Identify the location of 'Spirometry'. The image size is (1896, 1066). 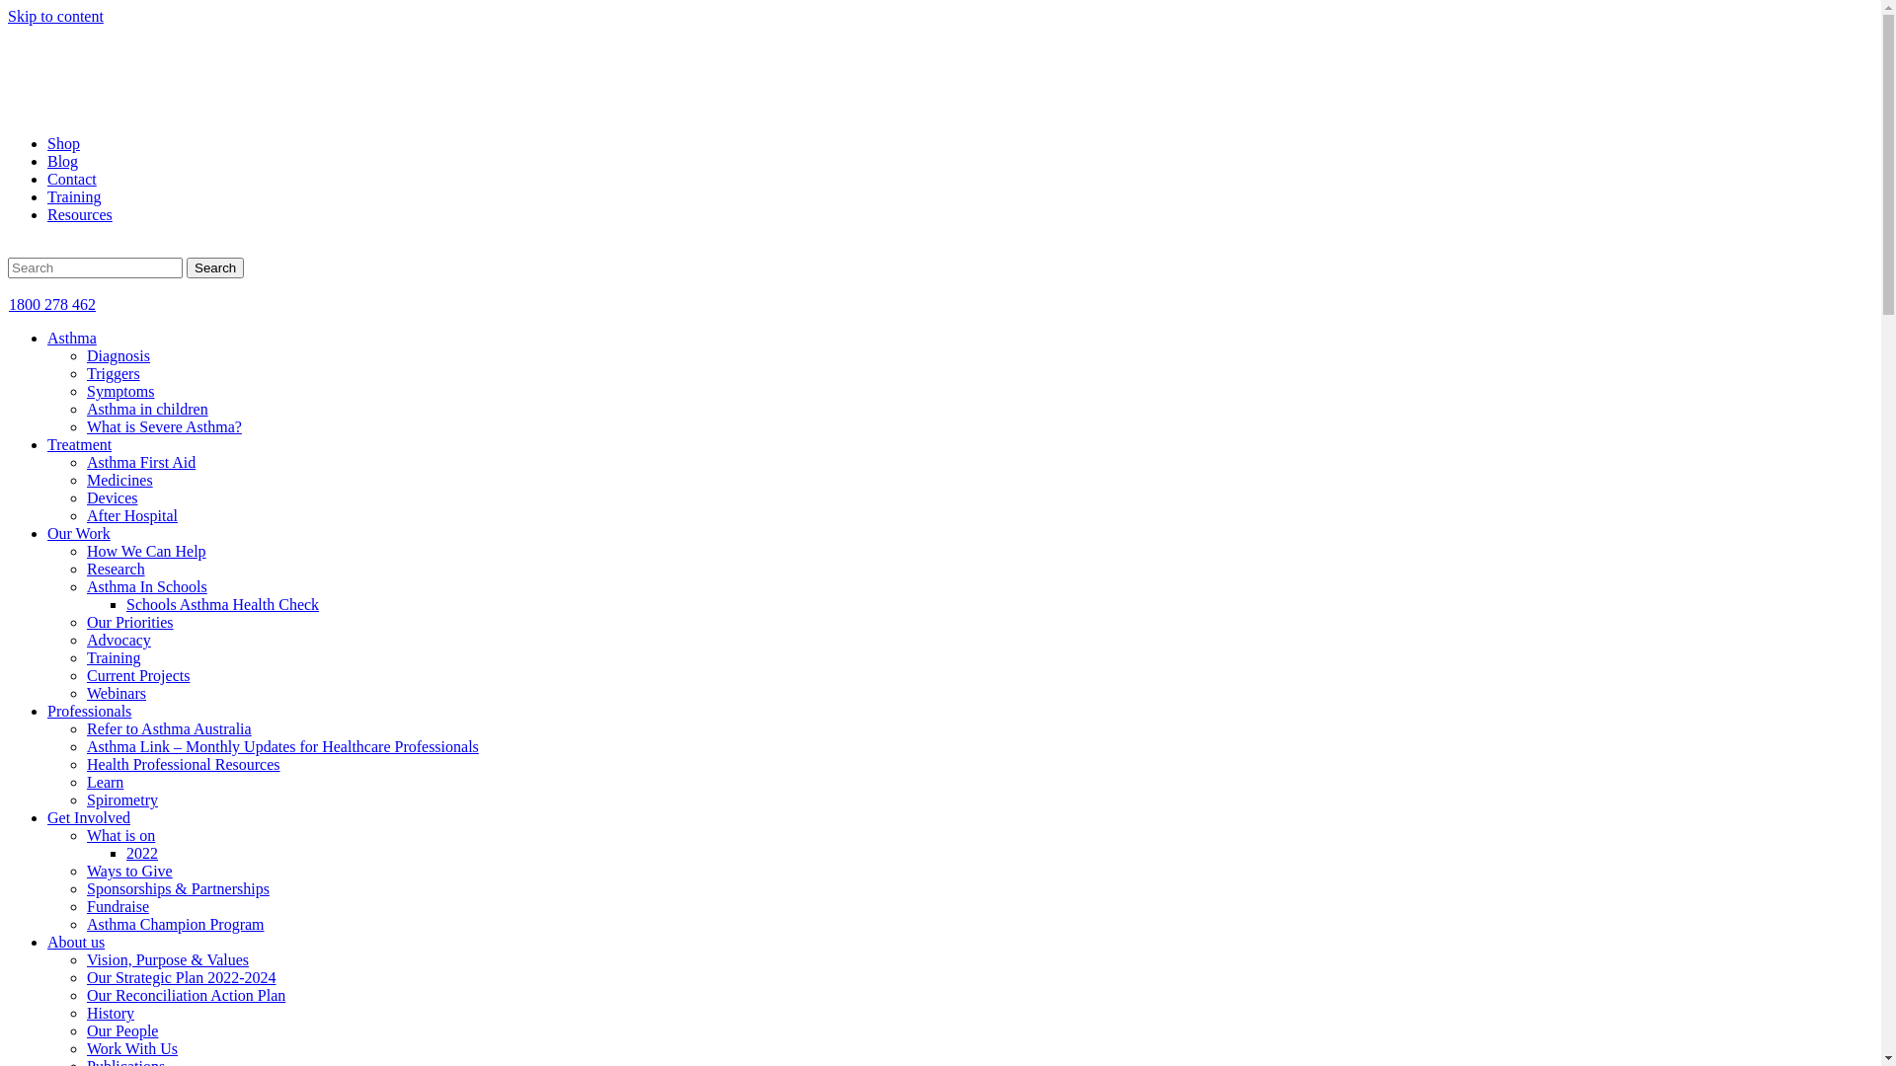
(85, 799).